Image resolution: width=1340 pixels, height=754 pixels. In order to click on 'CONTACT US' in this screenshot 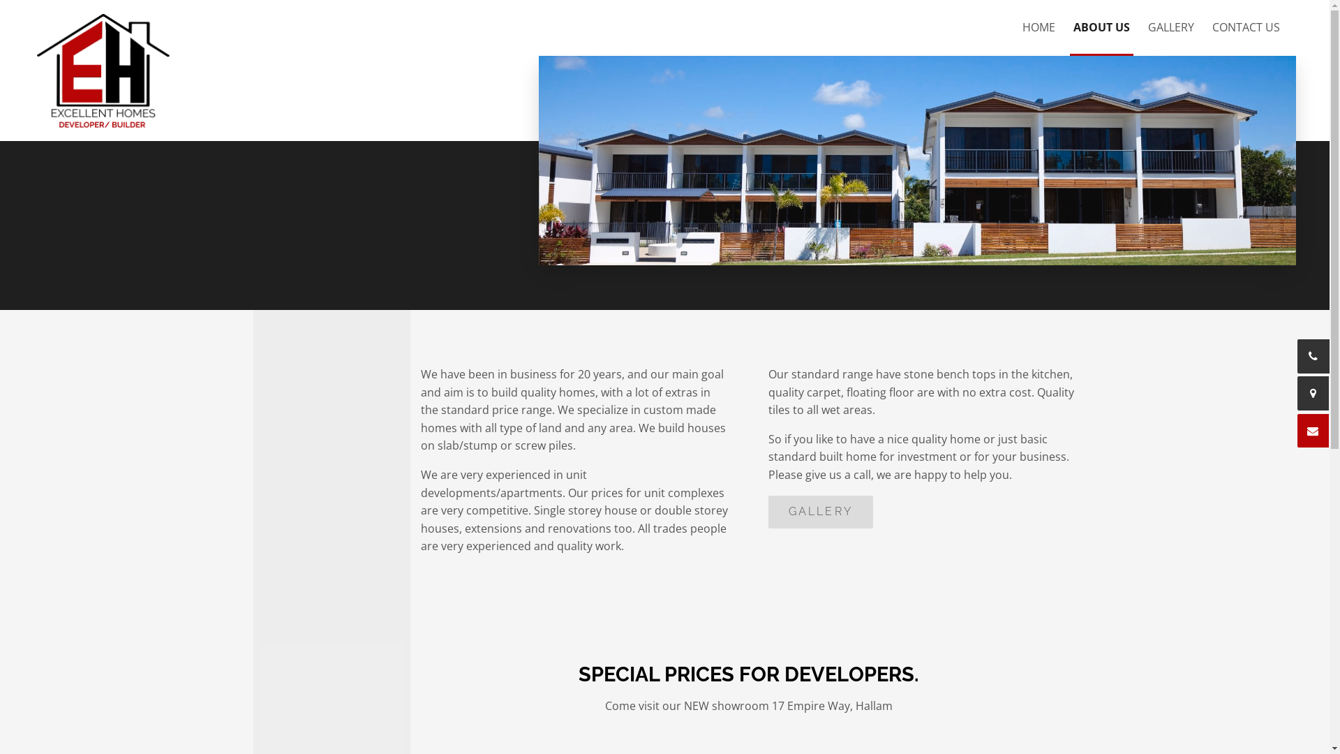, I will do `click(1246, 27)`.